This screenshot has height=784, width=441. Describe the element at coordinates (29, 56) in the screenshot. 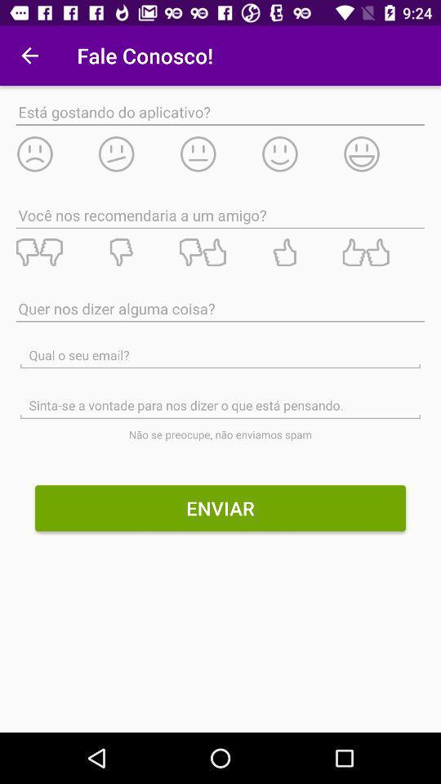

I see `app next to the fale conosco! icon` at that location.